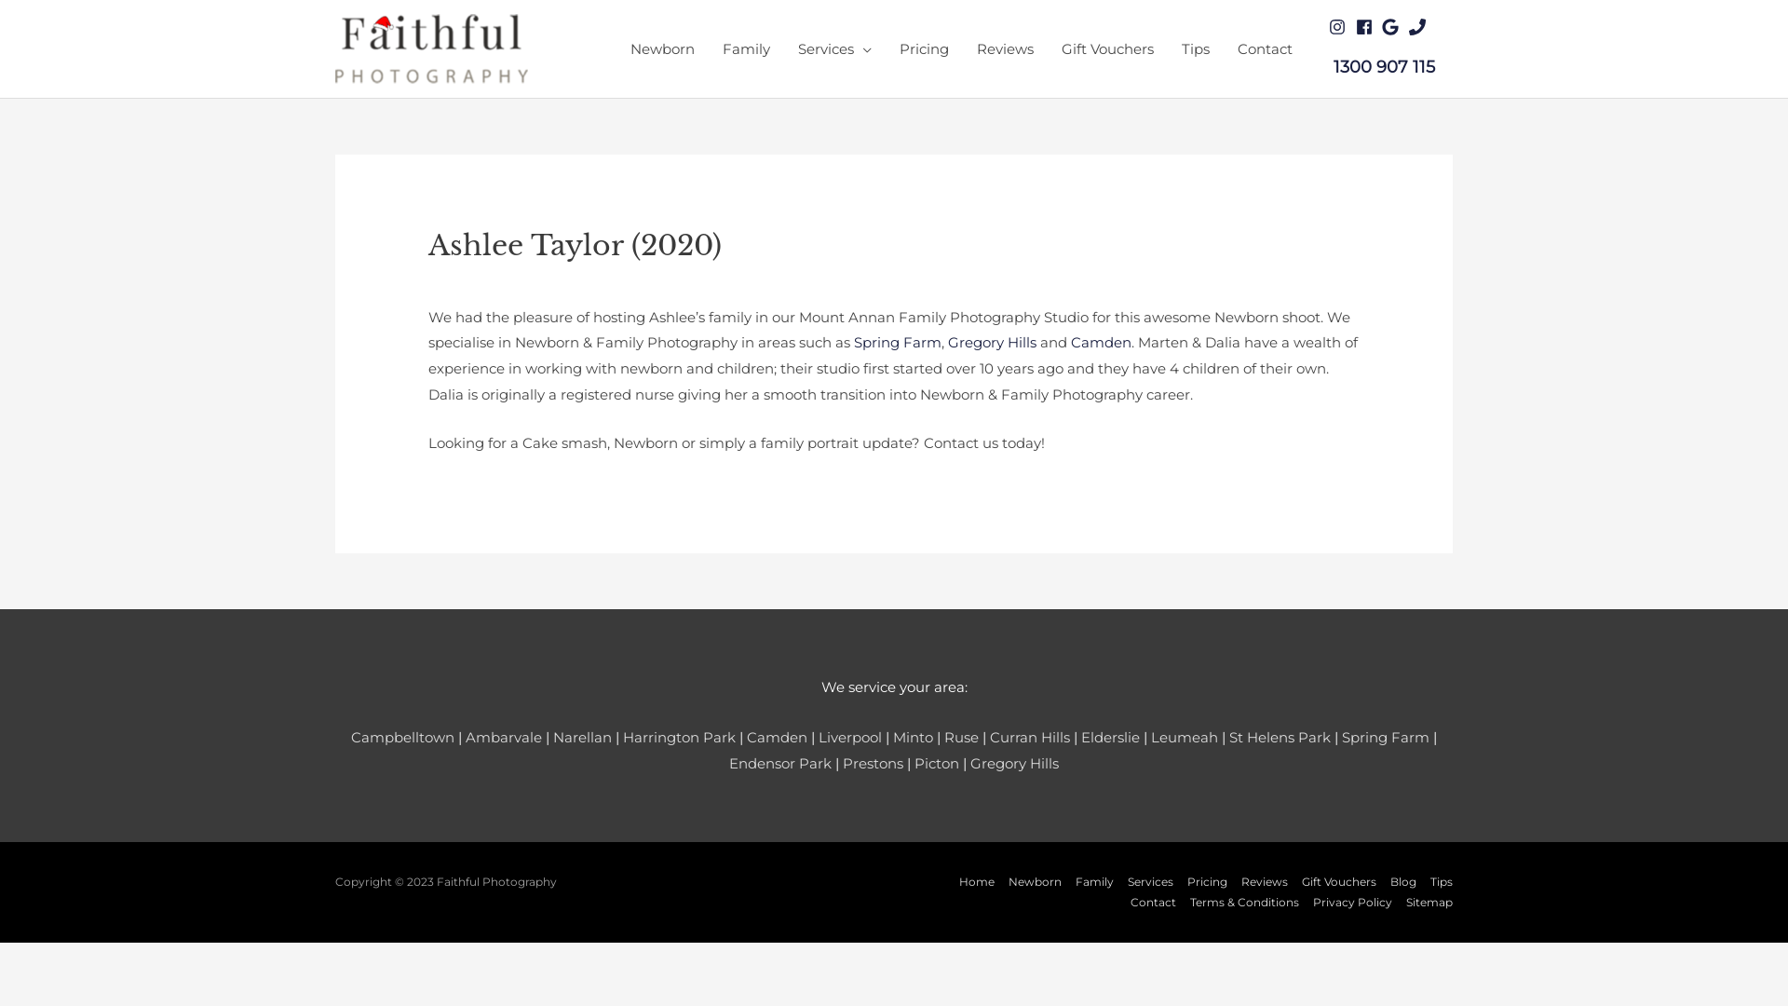  Describe the element at coordinates (401, 736) in the screenshot. I see `'Campbelltown'` at that location.